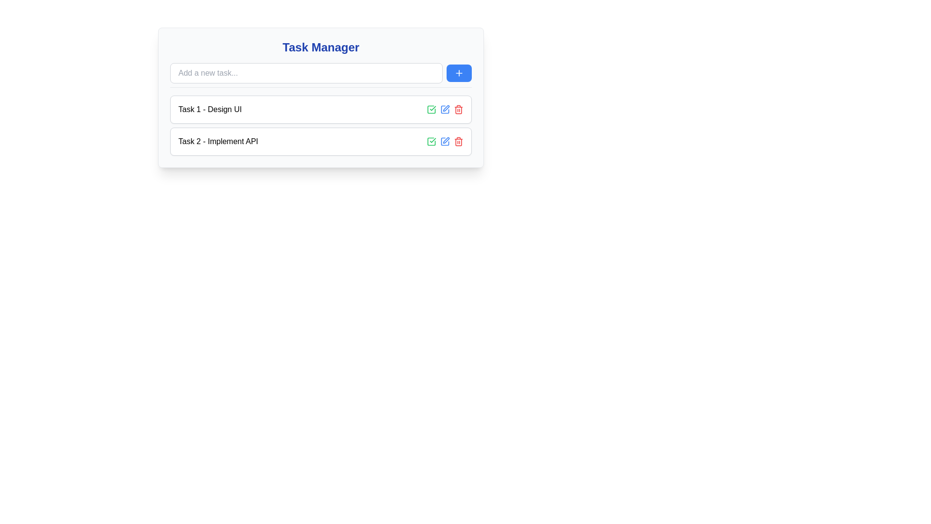  I want to click on the pencil-shaped icon within the edit button located in the third column of the second row of the task list, so click(446, 140).